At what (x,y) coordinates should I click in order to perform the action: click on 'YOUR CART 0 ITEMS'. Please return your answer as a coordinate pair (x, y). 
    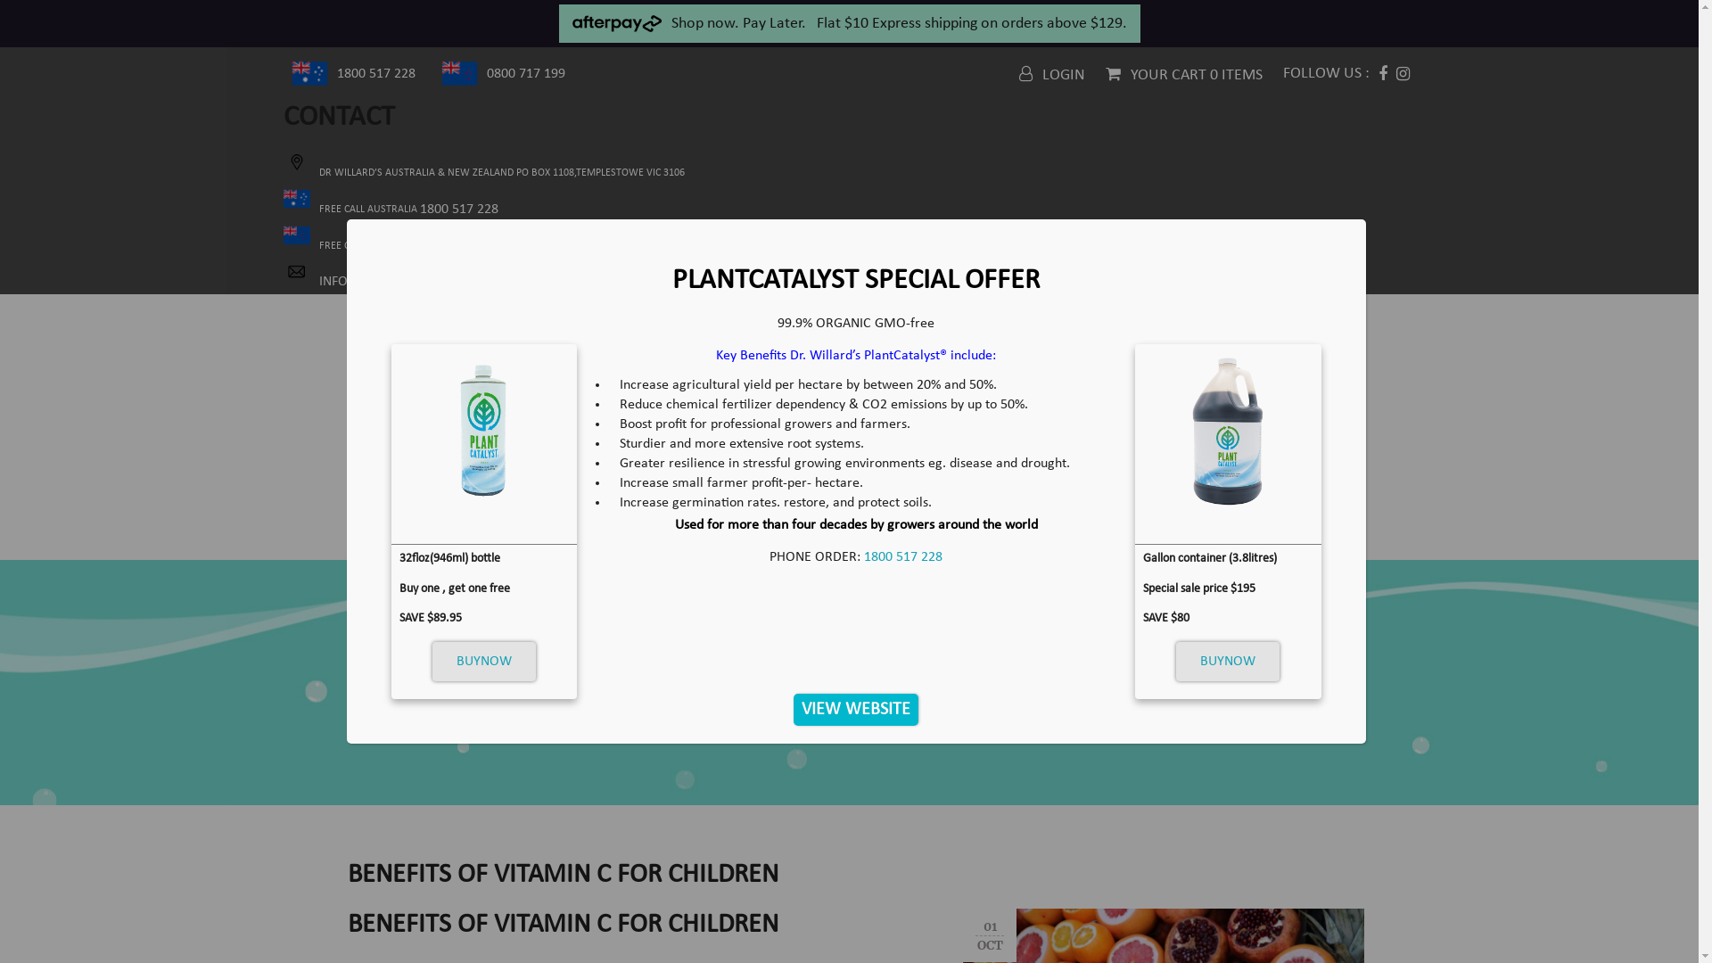
    Looking at the image, I should click on (1104, 74).